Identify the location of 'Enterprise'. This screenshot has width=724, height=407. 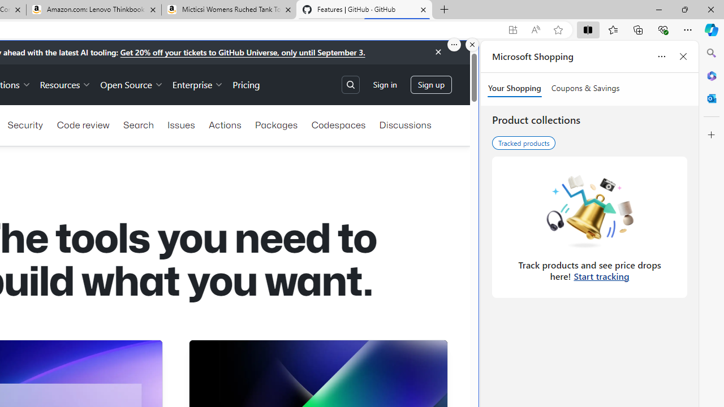
(198, 84).